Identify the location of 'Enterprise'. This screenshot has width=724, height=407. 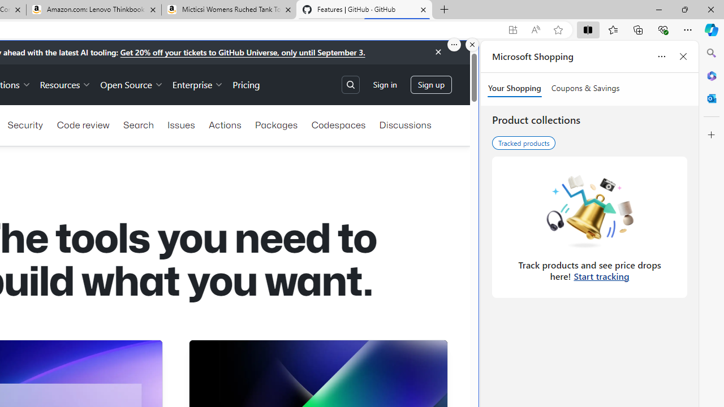
(198, 84).